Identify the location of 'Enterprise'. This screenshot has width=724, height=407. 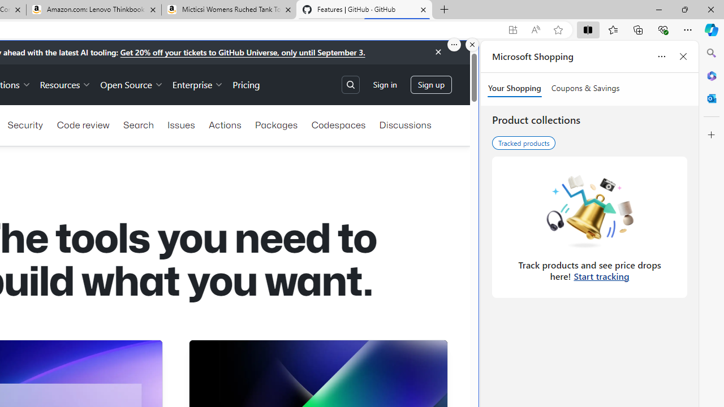
(198, 84).